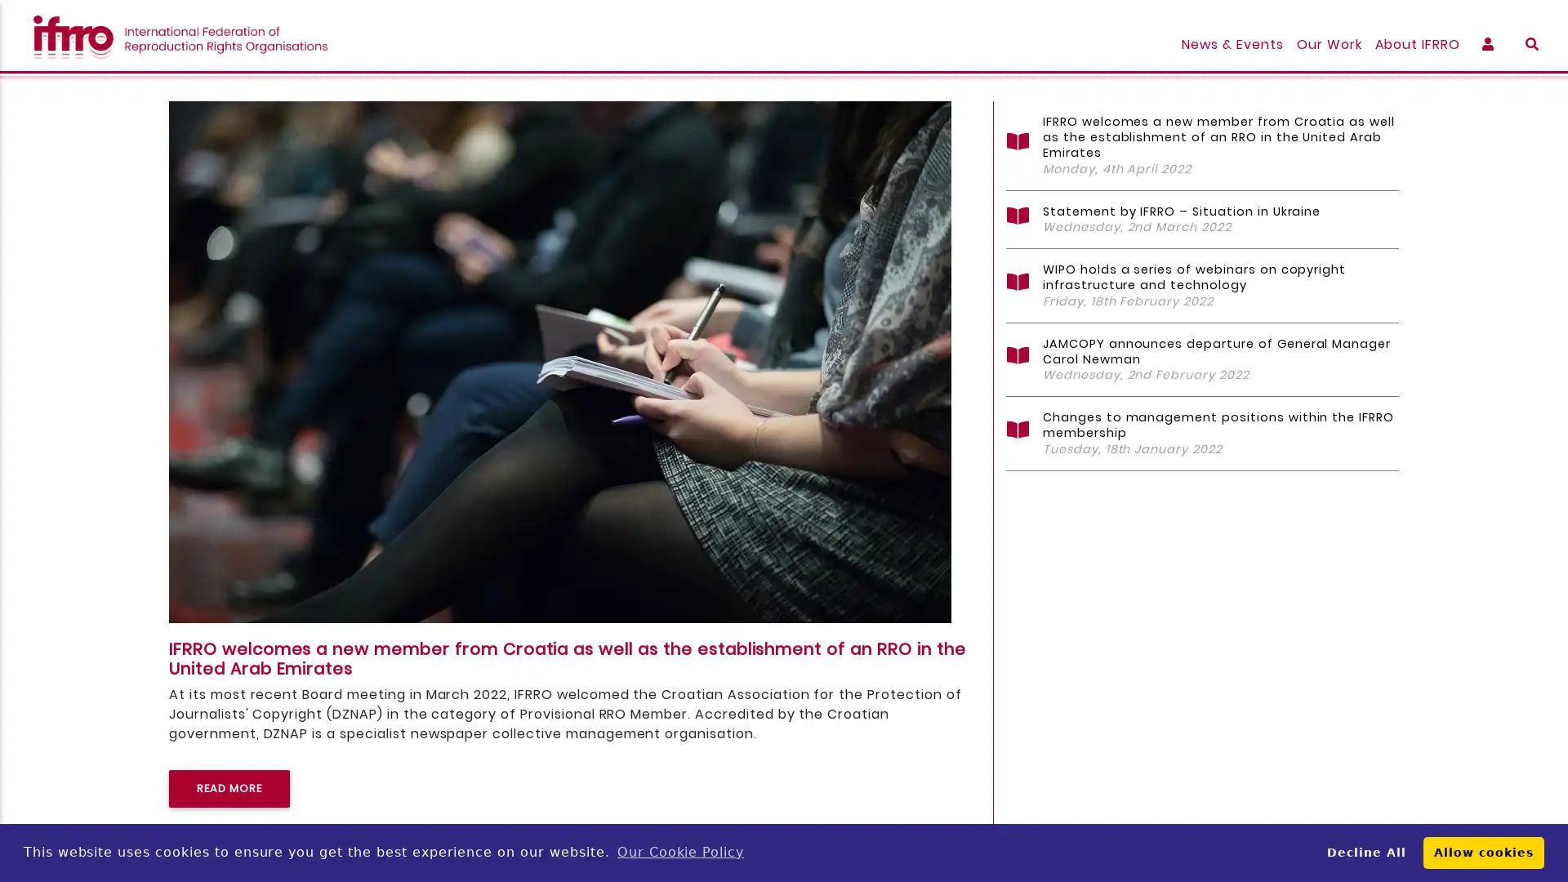  Describe the element at coordinates (680, 852) in the screenshot. I see `learn more about cookies` at that location.